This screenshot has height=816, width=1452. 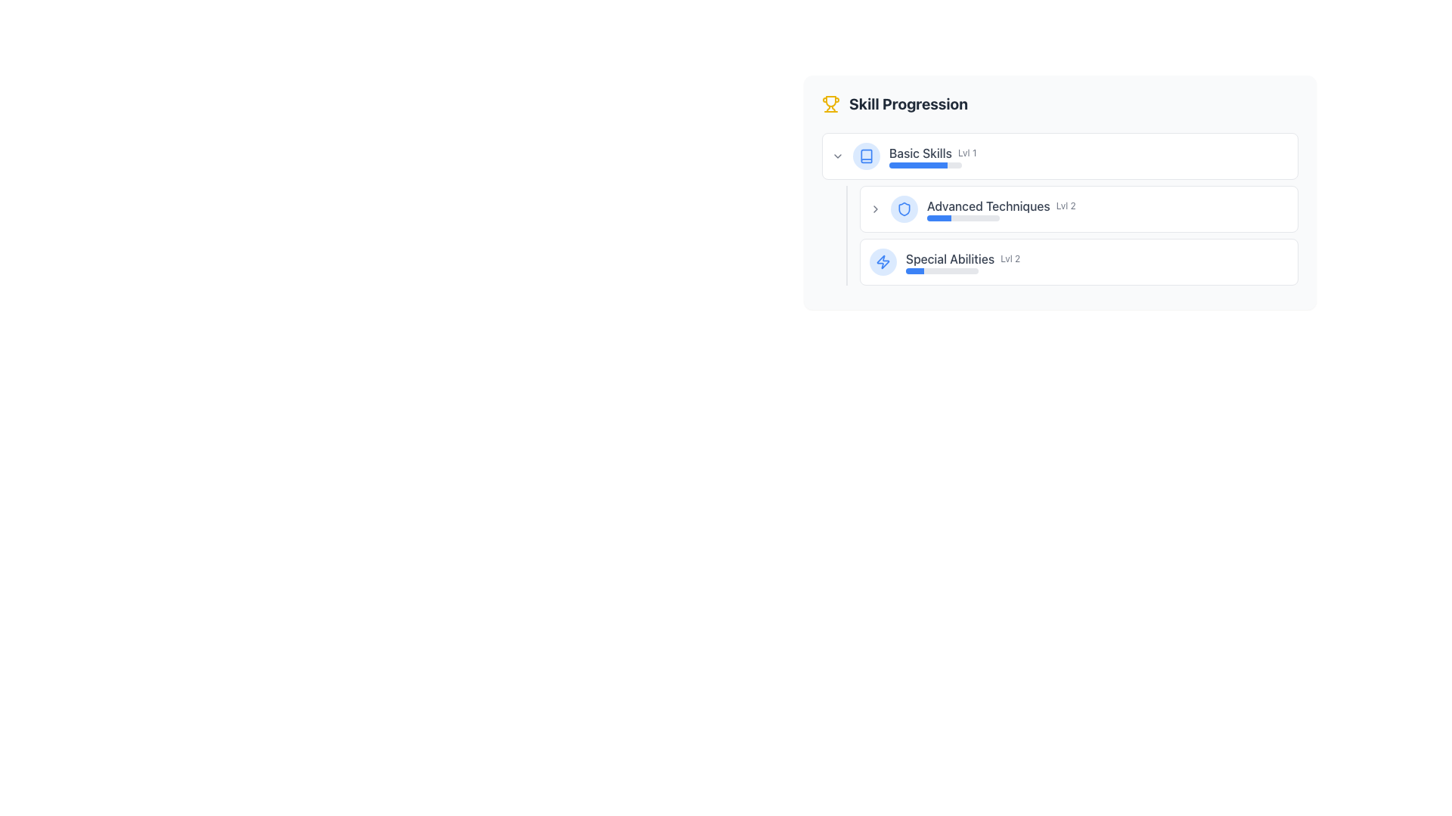 What do you see at coordinates (962, 218) in the screenshot?
I see `the progress bar located directly below the 'Advanced Techniques Lvl 2' text in the 'Advanced Techniques' section` at bounding box center [962, 218].